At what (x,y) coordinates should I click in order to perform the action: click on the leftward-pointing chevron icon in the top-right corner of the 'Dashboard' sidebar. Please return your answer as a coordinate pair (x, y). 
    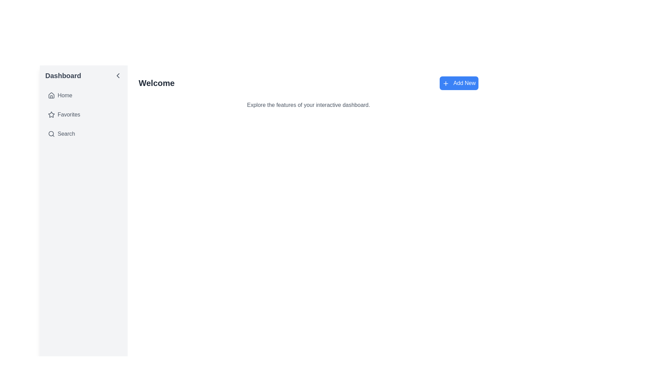
    Looking at the image, I should click on (118, 75).